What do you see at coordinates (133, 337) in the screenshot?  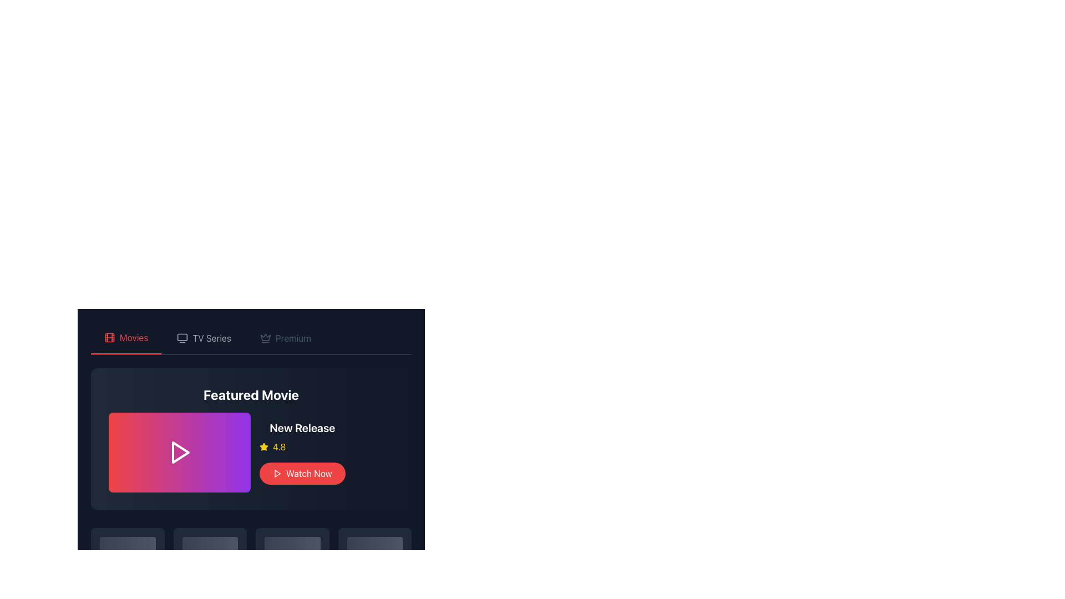 I see `the 'Movies' text element in the navigation menu, which is displayed in bold red font and is adjacent to a film icon` at bounding box center [133, 337].